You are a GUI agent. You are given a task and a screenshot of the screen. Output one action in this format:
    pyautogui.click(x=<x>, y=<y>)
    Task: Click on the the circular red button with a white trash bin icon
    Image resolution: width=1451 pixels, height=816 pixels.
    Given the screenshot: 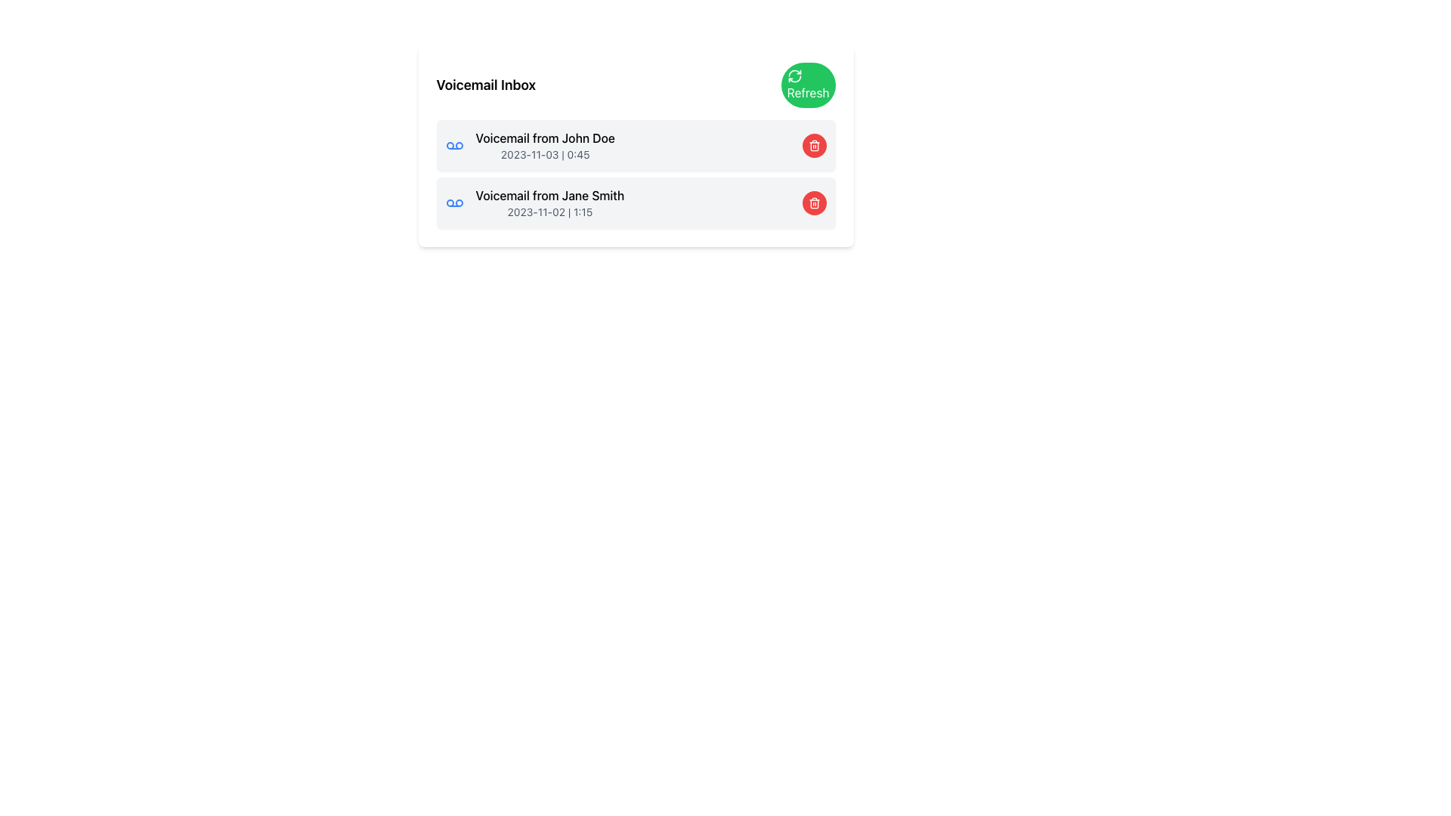 What is the action you would take?
    pyautogui.click(x=813, y=202)
    